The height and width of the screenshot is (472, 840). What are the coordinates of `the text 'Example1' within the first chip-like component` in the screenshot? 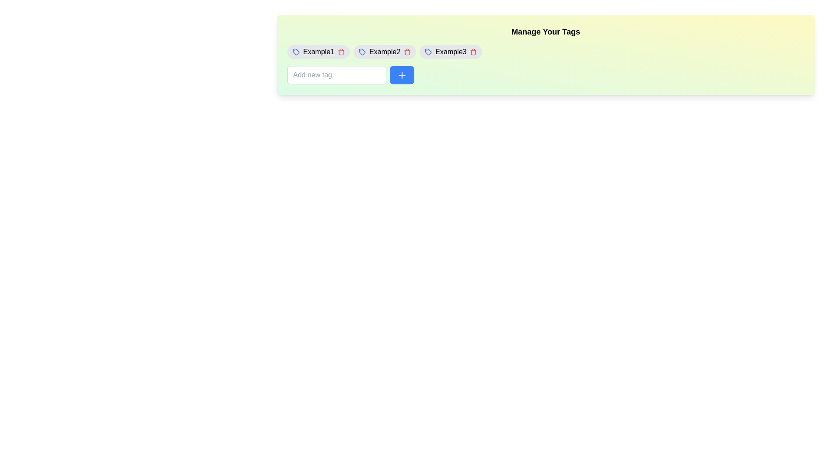 It's located at (318, 52).